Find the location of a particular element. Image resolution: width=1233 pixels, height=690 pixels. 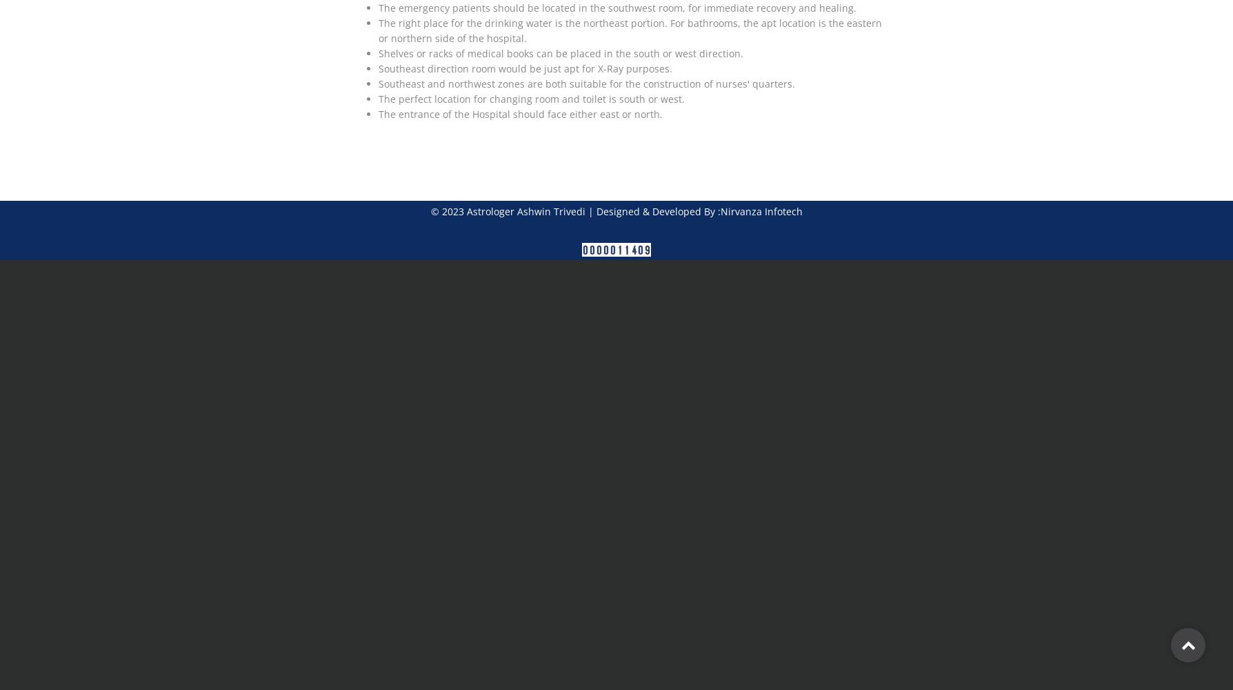

'The right place for the drinking water is the northeast portion. For bathrooms, the apt location is the eastern or northern side of the hospital.' is located at coordinates (378, 30).